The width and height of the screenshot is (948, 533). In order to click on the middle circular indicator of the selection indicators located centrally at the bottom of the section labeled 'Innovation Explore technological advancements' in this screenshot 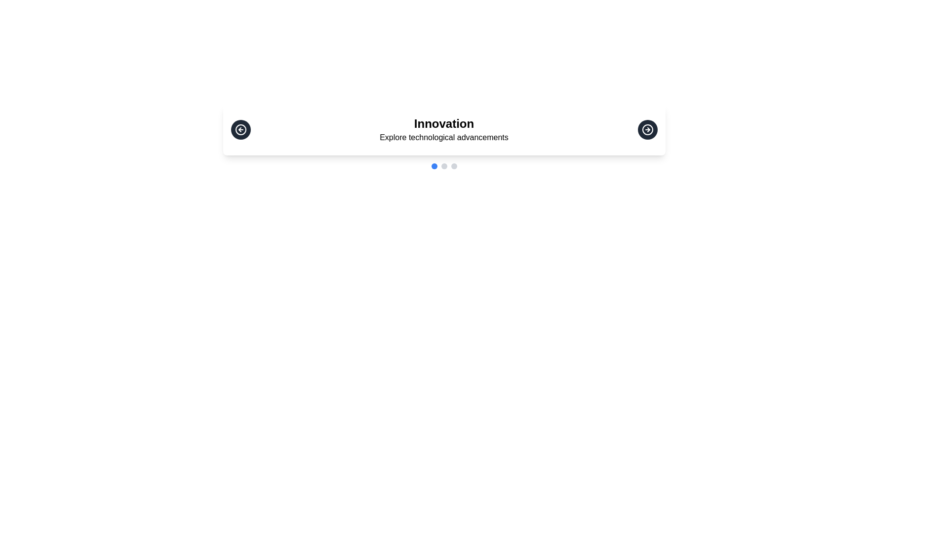, I will do `click(443, 165)`.